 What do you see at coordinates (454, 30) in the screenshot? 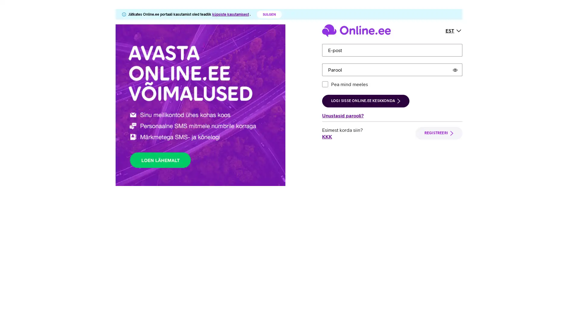
I see `EST` at bounding box center [454, 30].